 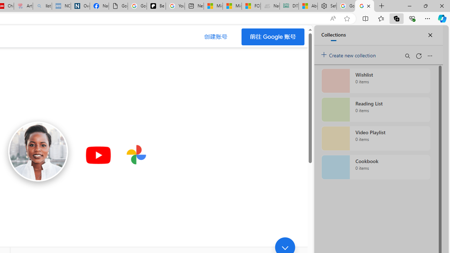 I want to click on 'Arthritis: Ask Health Professionals - Sleeping', so click(x=23, y=6).